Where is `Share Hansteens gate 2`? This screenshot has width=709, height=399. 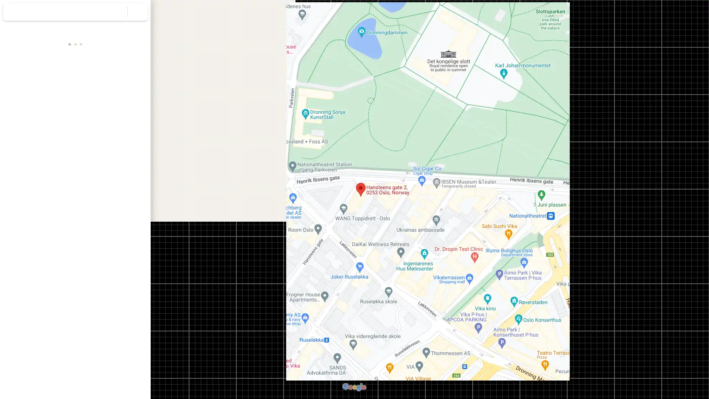
Share Hansteens gate 2 is located at coordinates (129, 148).